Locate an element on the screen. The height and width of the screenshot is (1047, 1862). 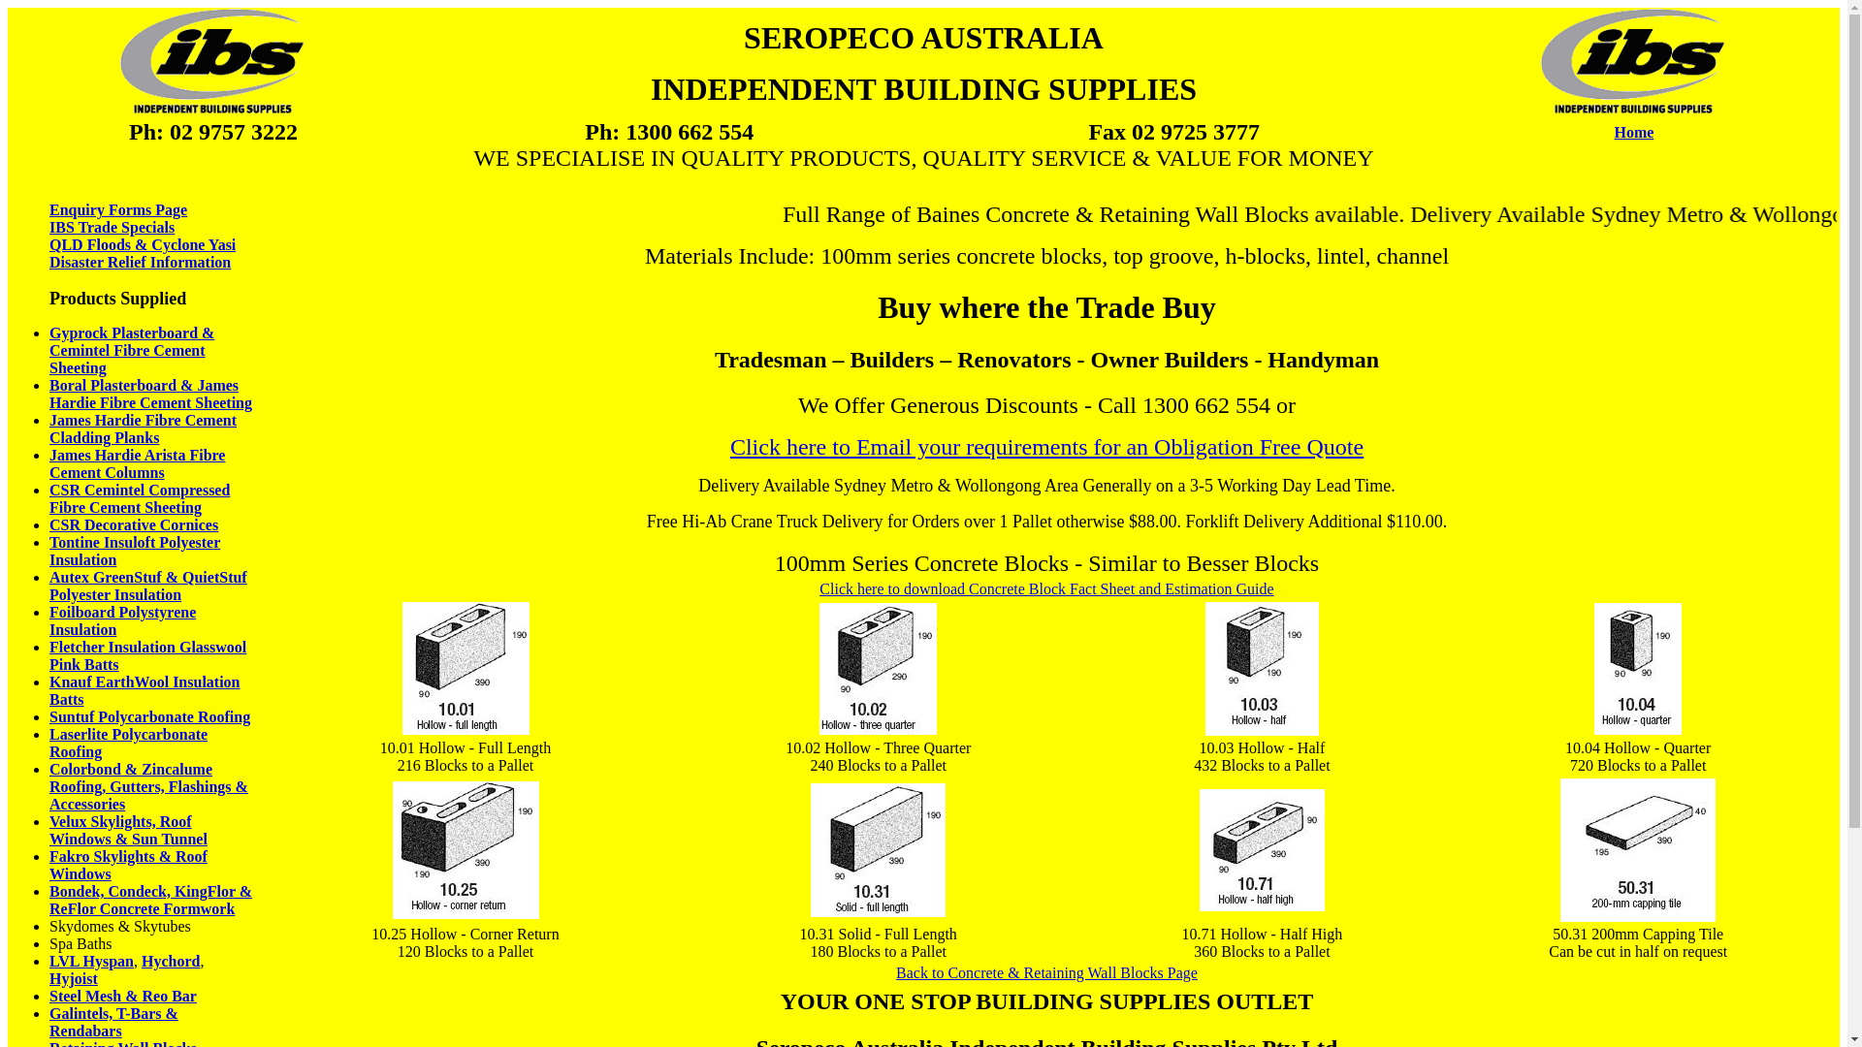
'Back to Concrete & Retaining Wall Blocks Page' is located at coordinates (1045, 972).